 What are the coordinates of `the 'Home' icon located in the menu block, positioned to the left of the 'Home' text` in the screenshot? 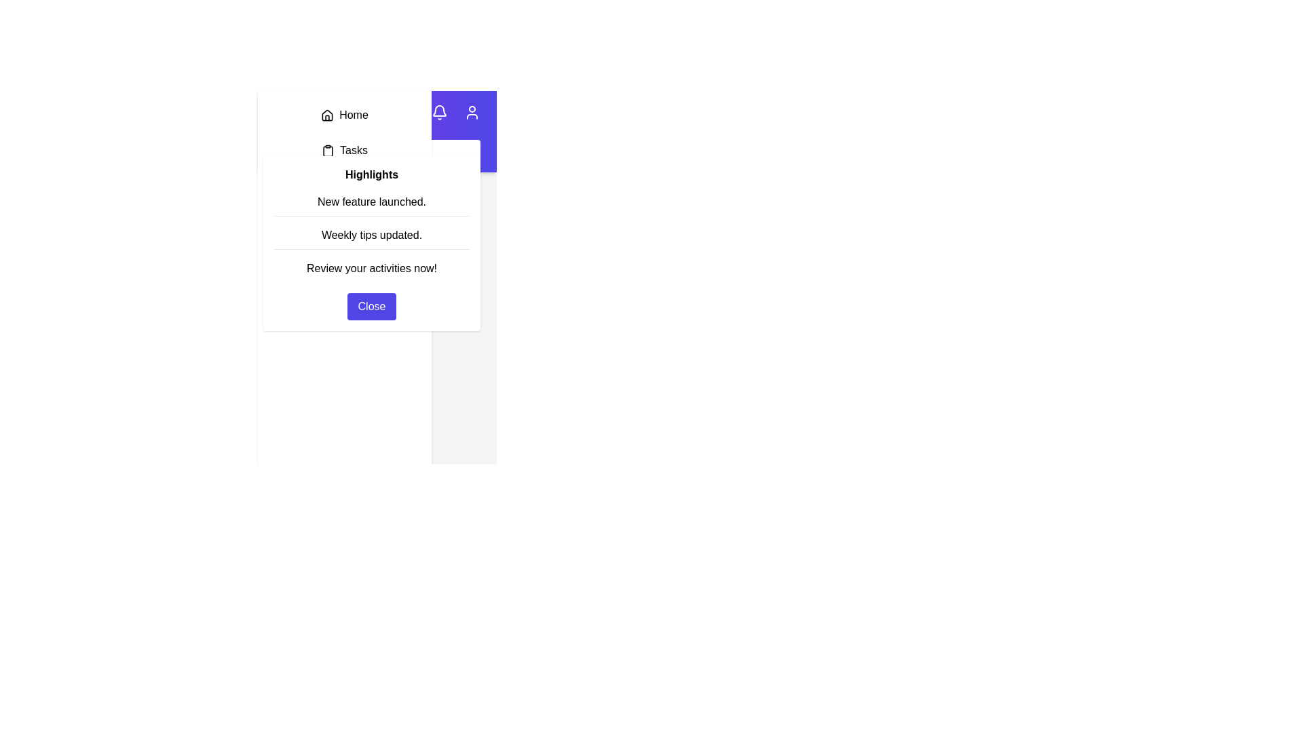 It's located at (327, 115).